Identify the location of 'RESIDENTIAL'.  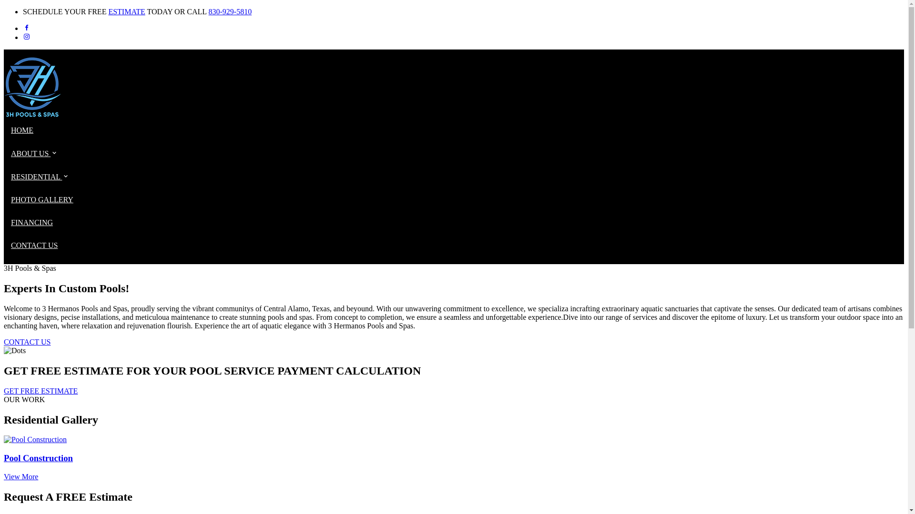
(40, 177).